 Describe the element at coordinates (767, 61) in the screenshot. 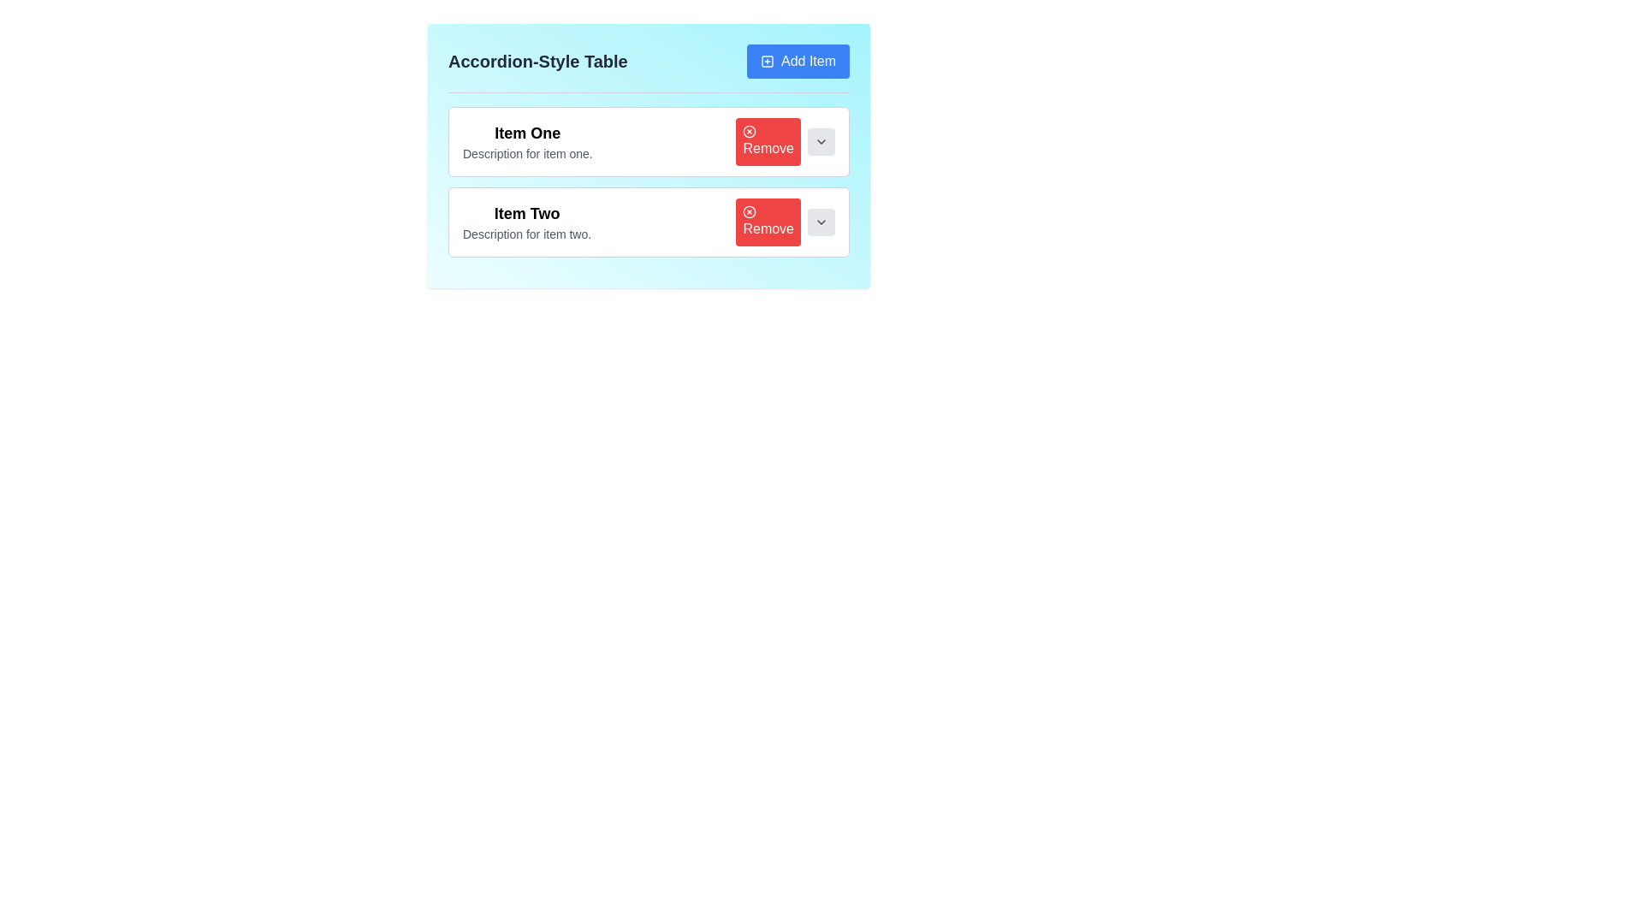

I see `the 'Add' action icon located to the left of the 'Add Item' button in the upper-right section of the interface` at that location.